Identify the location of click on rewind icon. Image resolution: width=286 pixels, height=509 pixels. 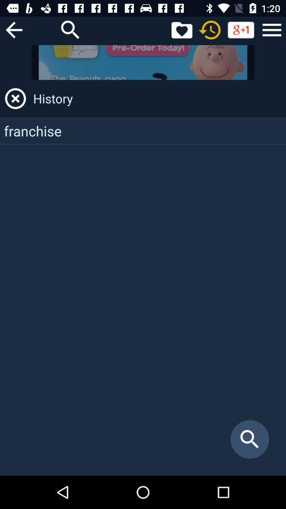
(210, 29).